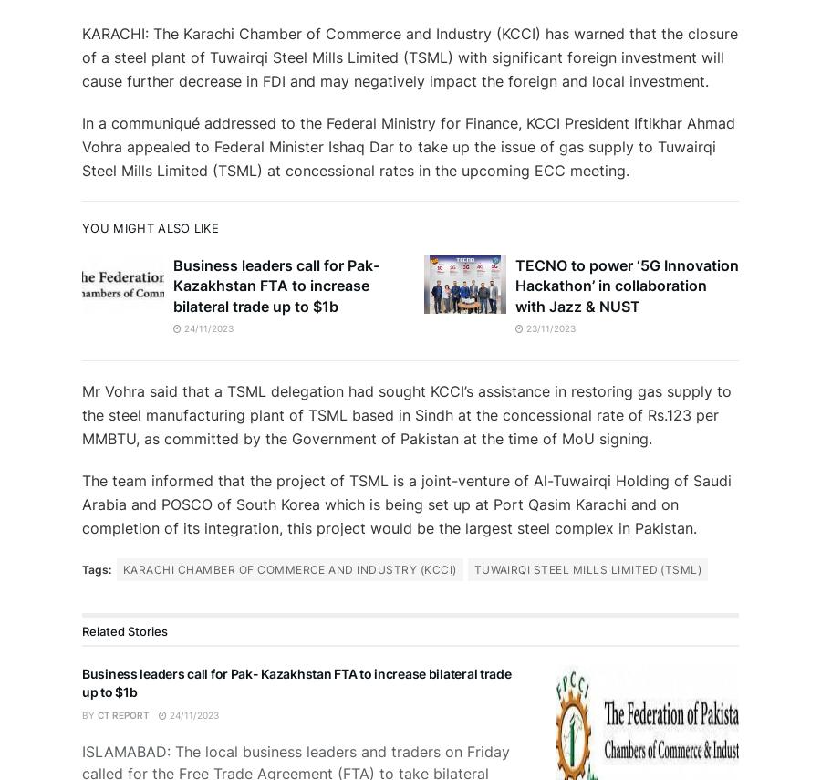 The image size is (821, 780). Describe the element at coordinates (549, 328) in the screenshot. I see `'23/11/2023'` at that location.